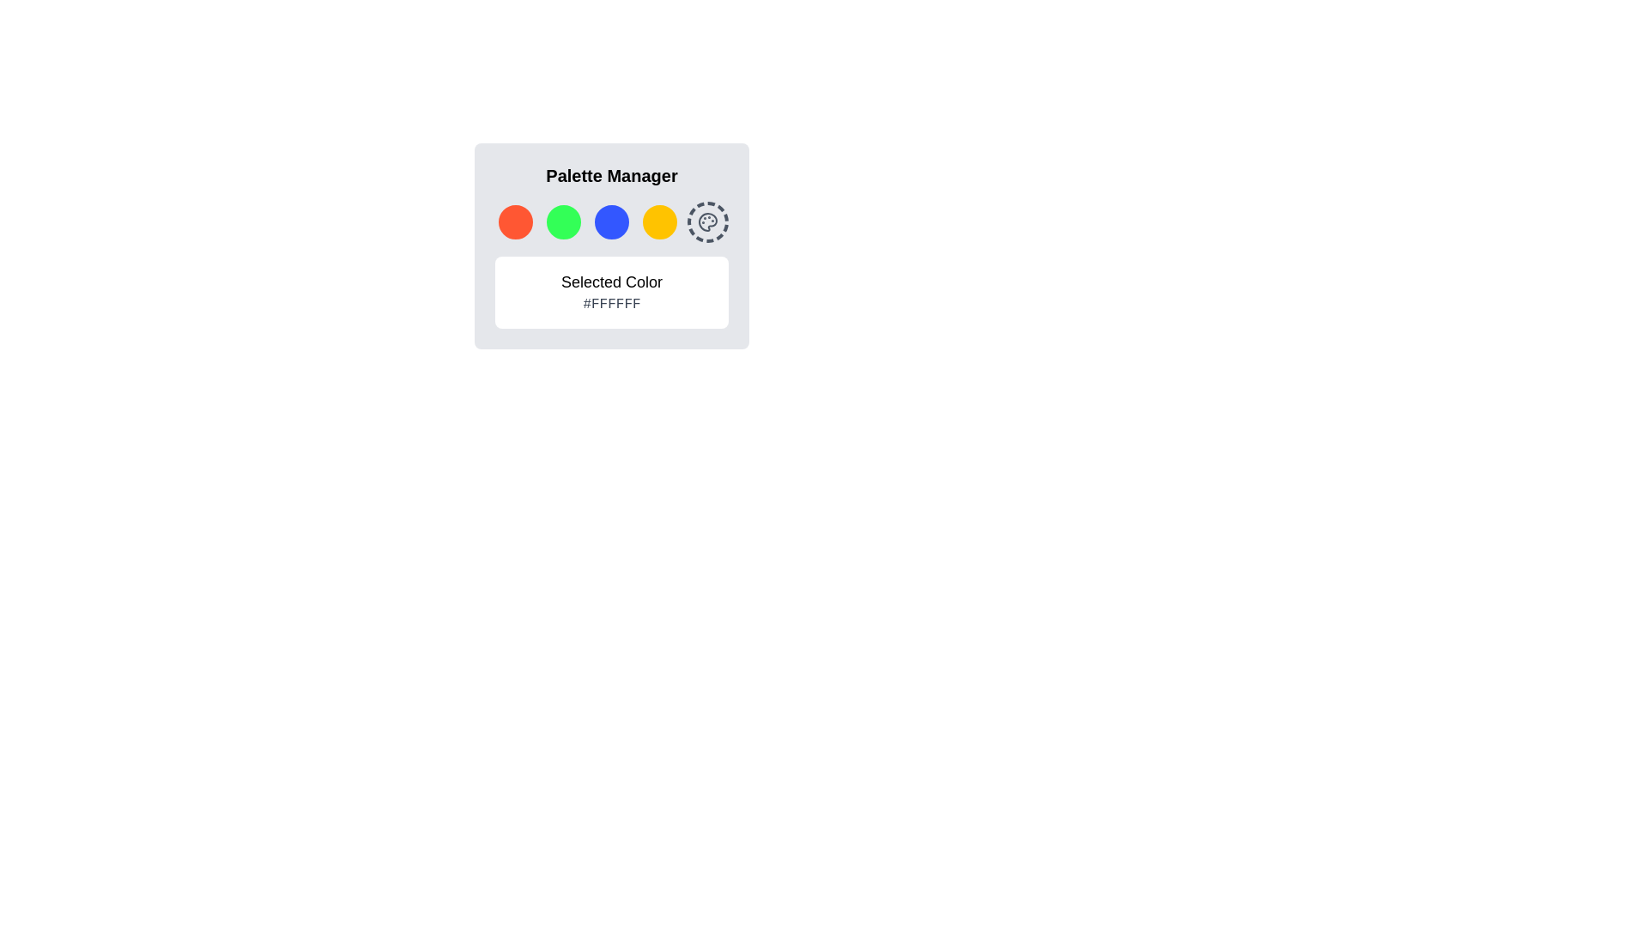  I want to click on the center of the palette icon component within the SVG element, which is located in the top-right section of the interface and is part of the color selection tool, so click(708, 221).